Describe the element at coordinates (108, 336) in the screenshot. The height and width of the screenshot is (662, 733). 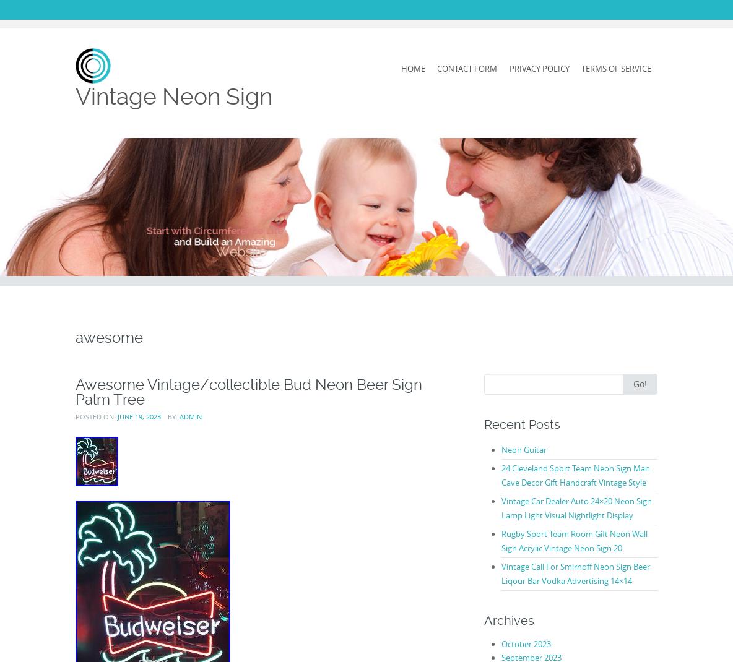
I see `'awesome'` at that location.